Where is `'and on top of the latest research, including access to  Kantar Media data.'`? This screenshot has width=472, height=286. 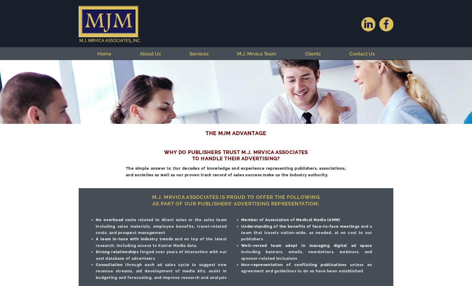
'and on top of the latest research, including access to  Kantar Media data.' is located at coordinates (161, 242).